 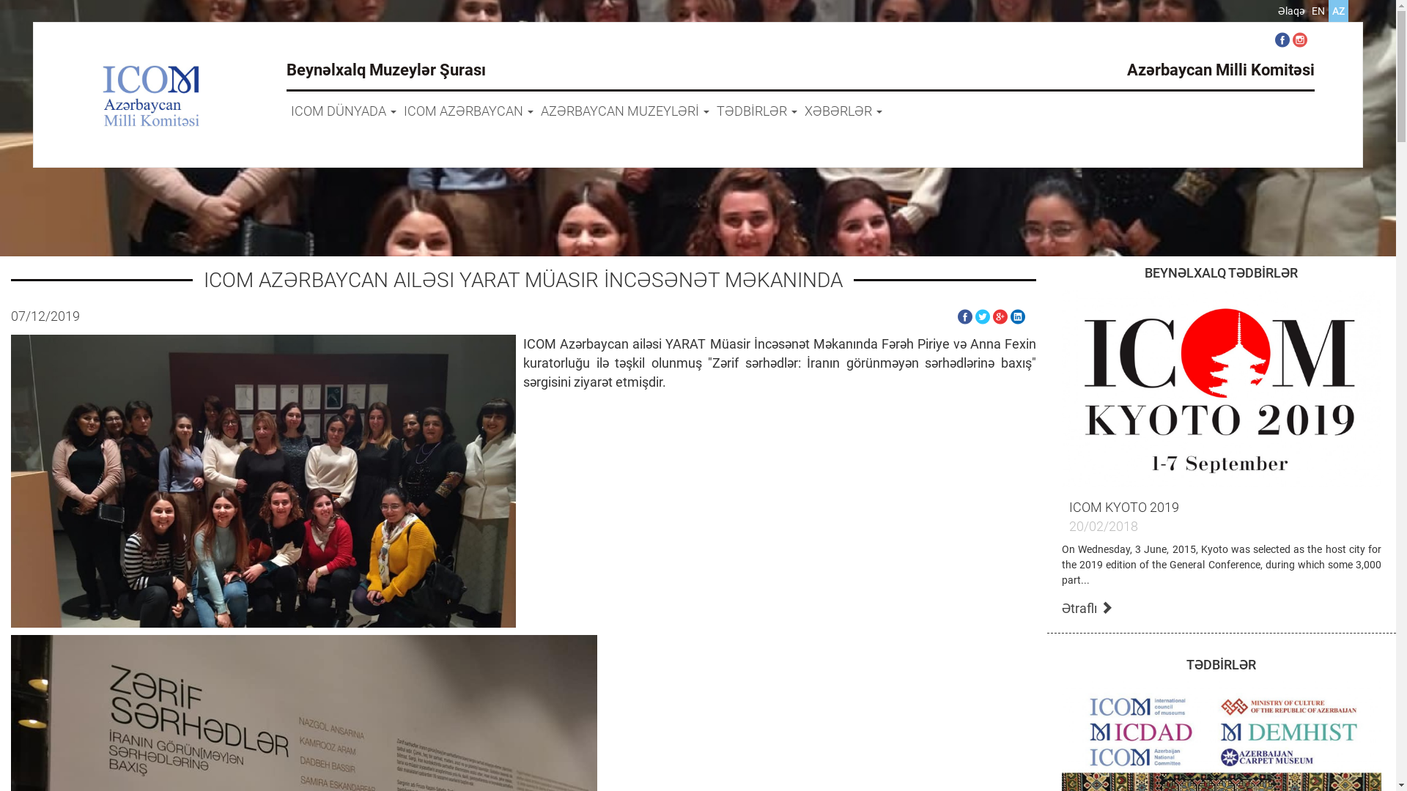 What do you see at coordinates (1318, 11) in the screenshot?
I see `'EN'` at bounding box center [1318, 11].